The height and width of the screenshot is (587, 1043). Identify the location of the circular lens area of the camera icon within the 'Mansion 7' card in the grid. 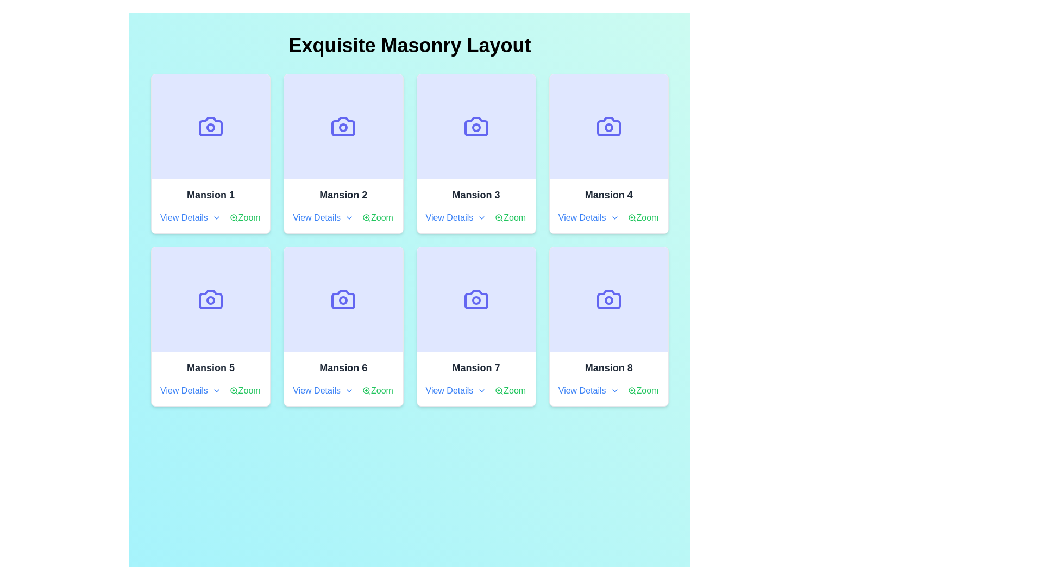
(476, 300).